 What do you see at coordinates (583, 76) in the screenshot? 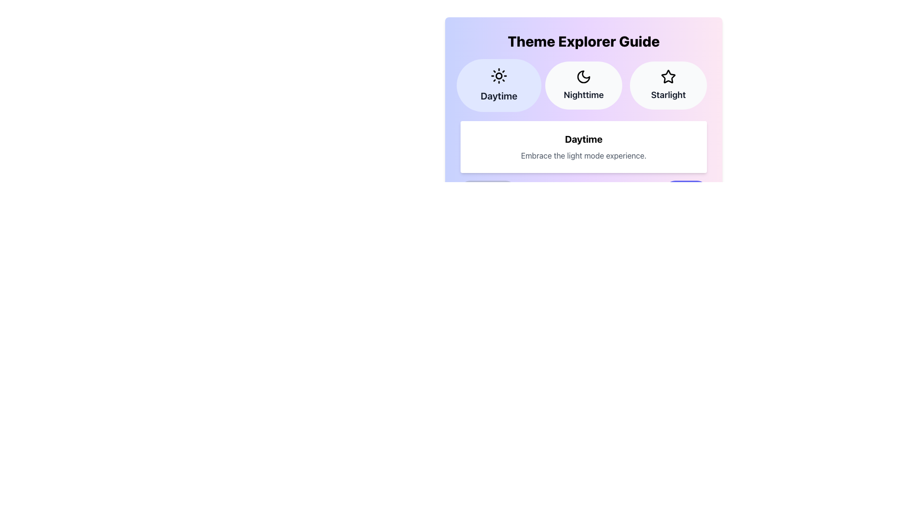
I see `the crescent moon-shaped icon that is positioned above the 'Nighttime' label in the 'Theme Explorer Guide' interface` at bounding box center [583, 76].